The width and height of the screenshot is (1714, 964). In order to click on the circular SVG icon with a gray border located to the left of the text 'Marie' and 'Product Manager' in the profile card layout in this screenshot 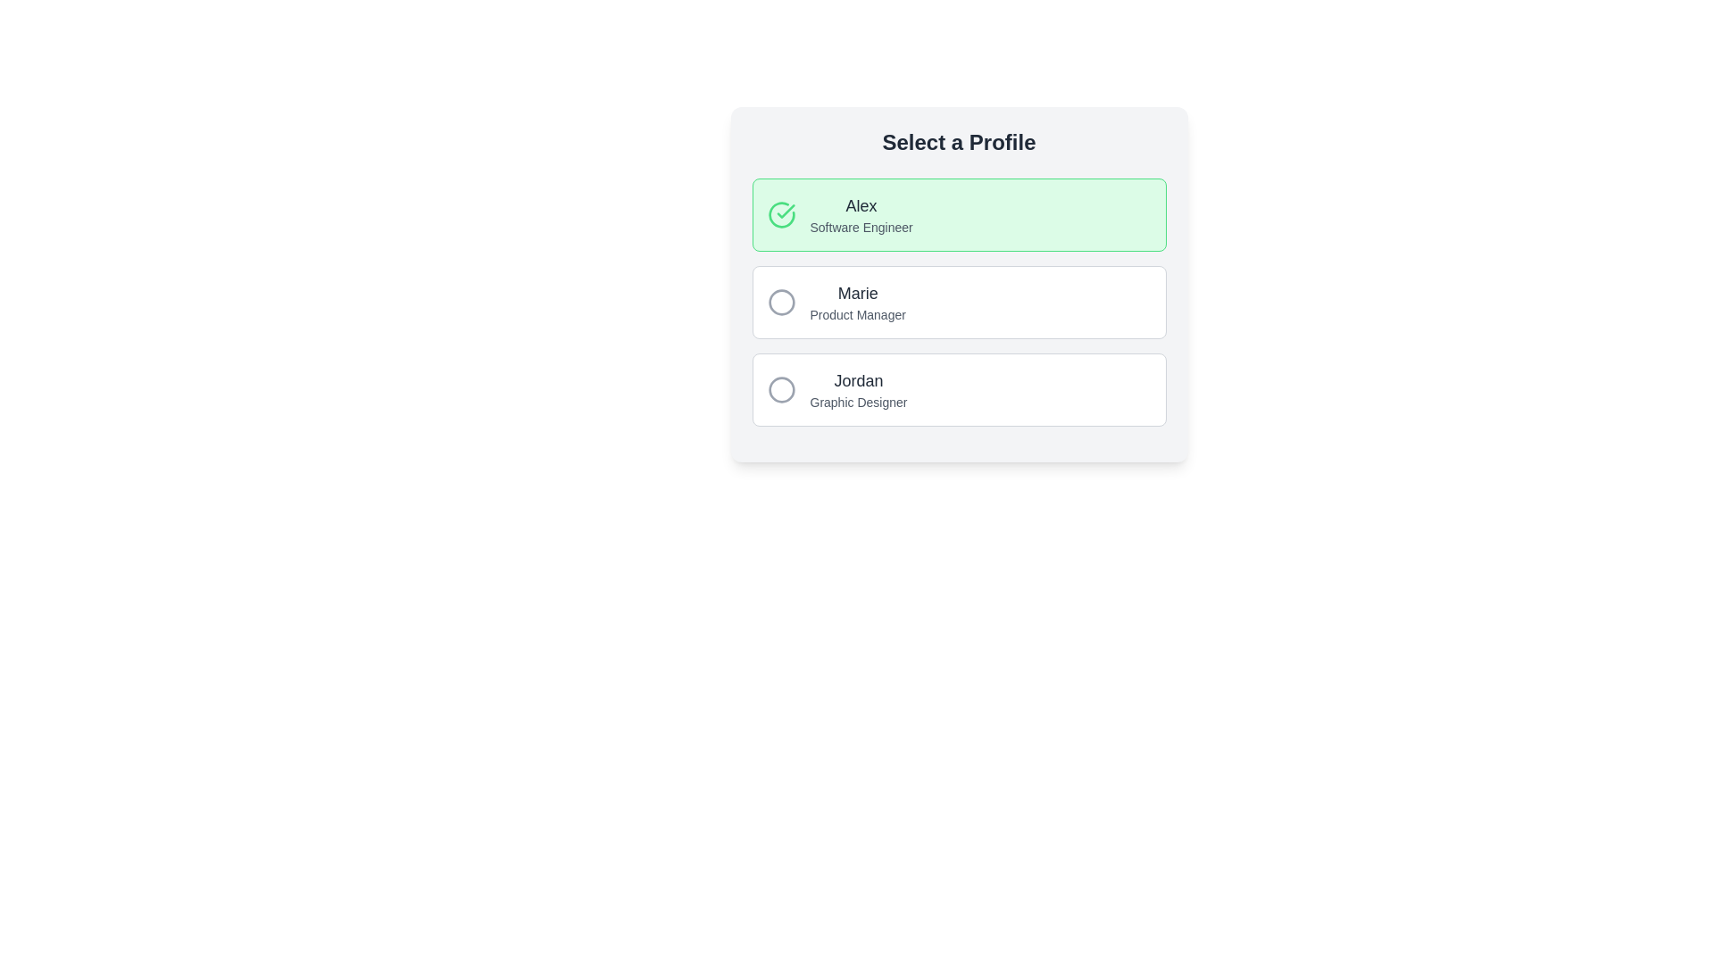, I will do `click(781, 302)`.